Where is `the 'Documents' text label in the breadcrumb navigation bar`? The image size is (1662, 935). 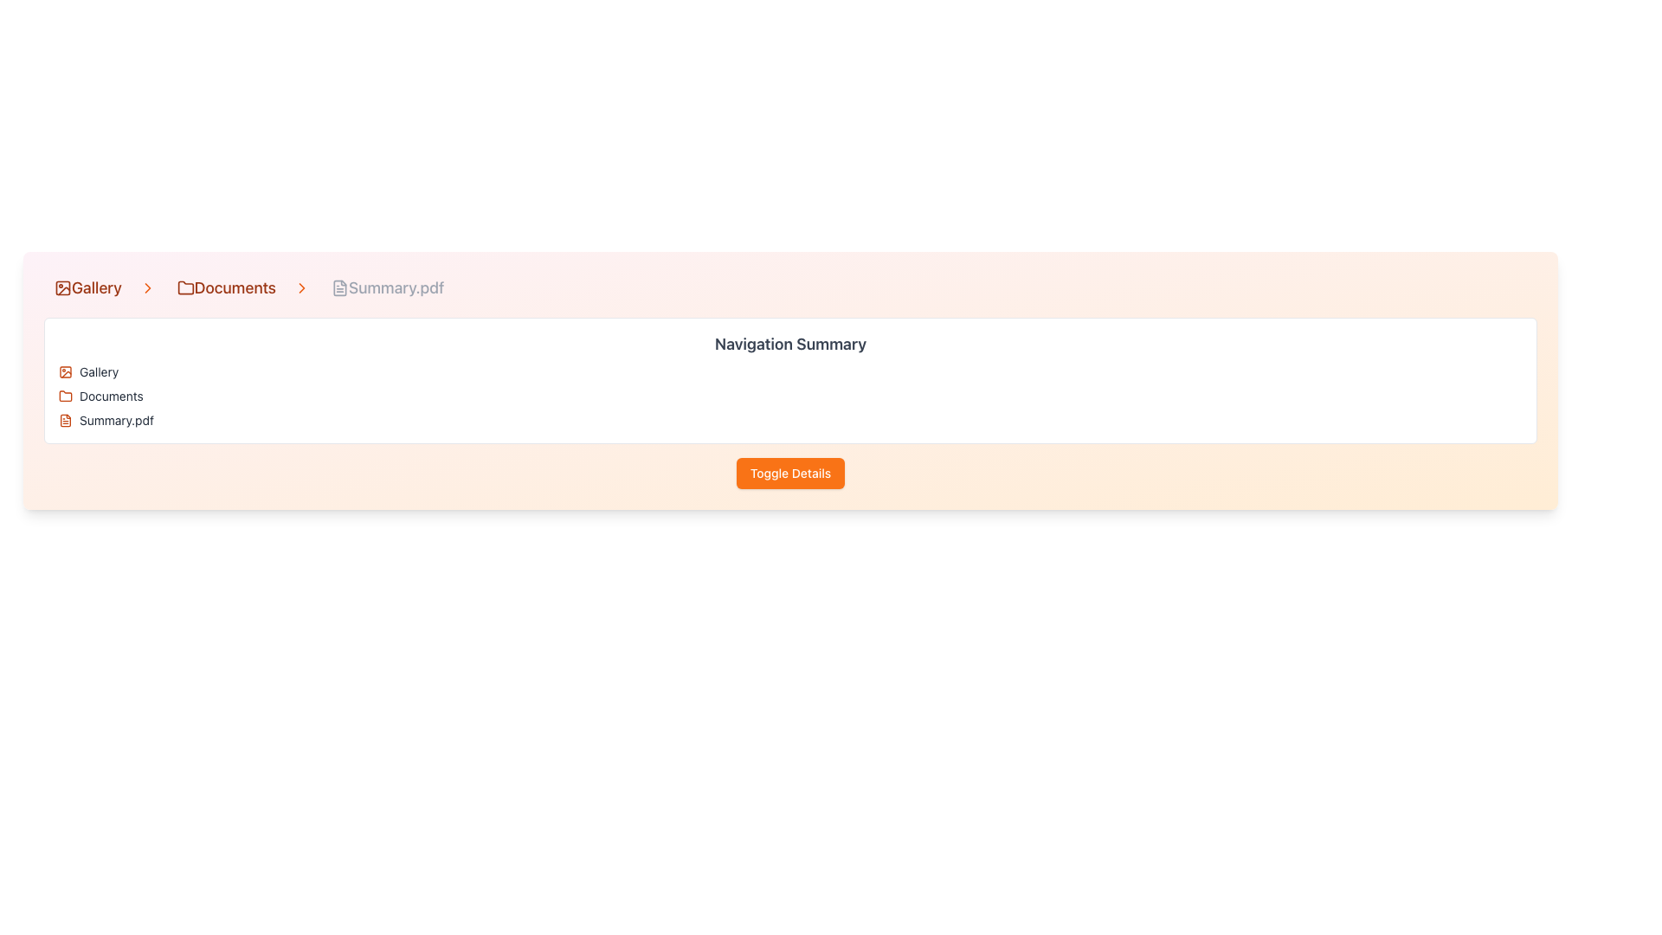
the 'Documents' text label in the breadcrumb navigation bar is located at coordinates (234, 287).